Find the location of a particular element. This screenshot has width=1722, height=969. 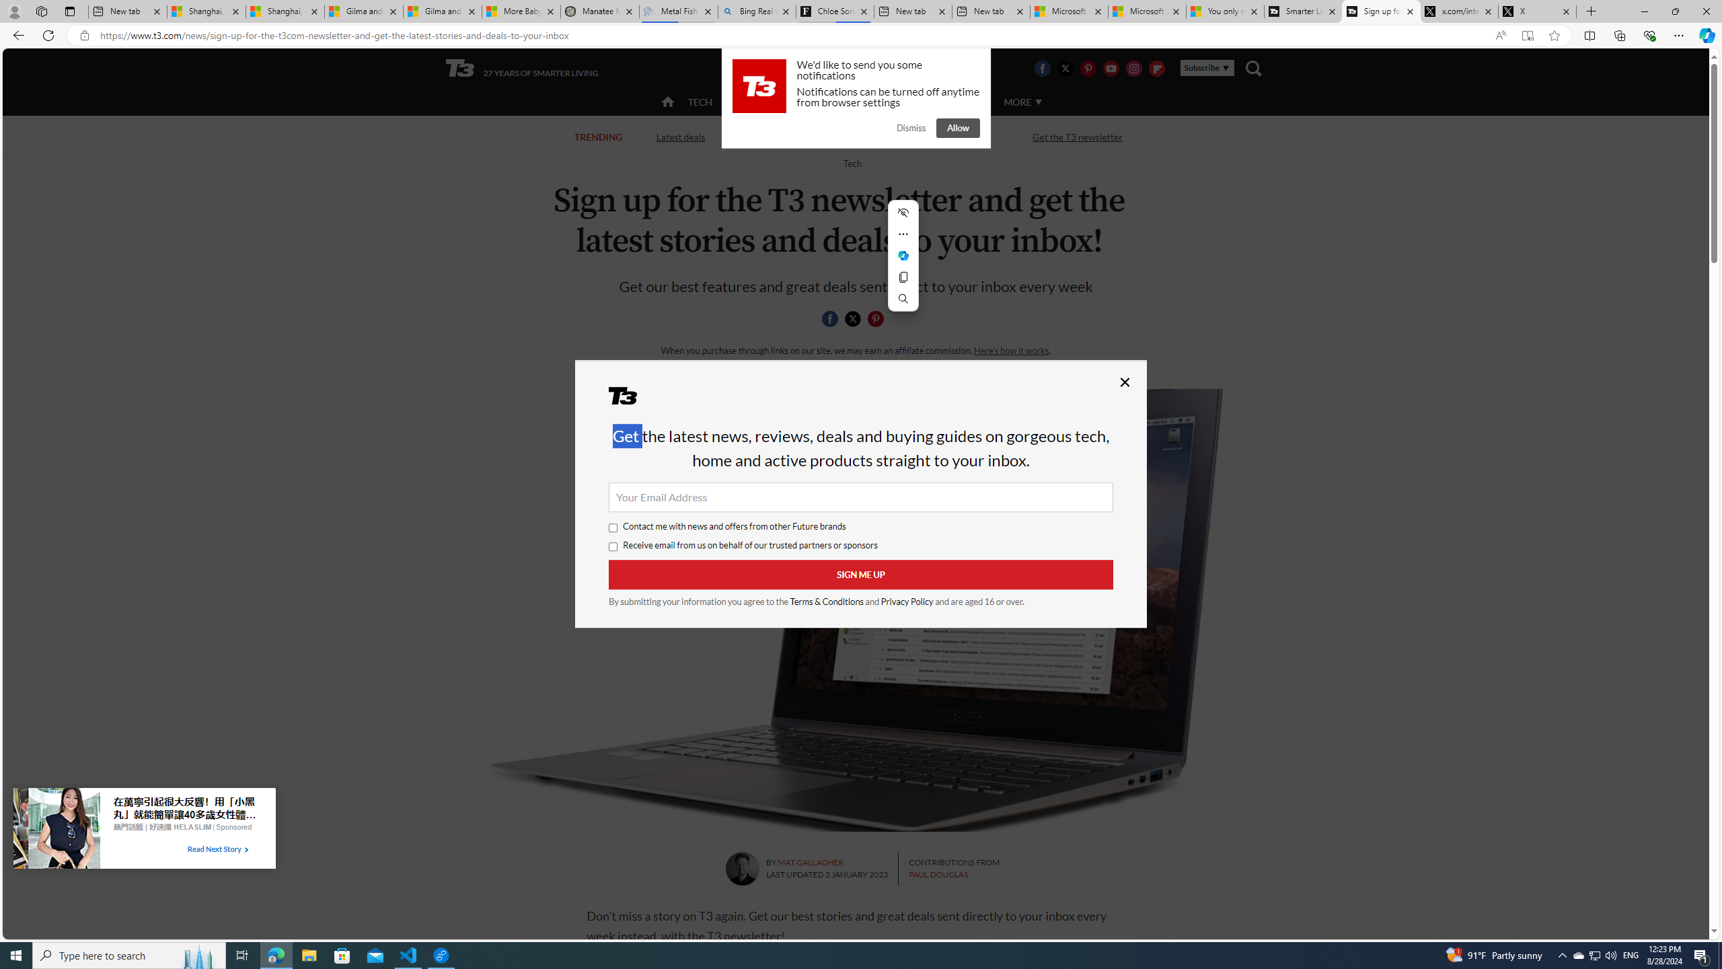

'TECH' is located at coordinates (699, 101).